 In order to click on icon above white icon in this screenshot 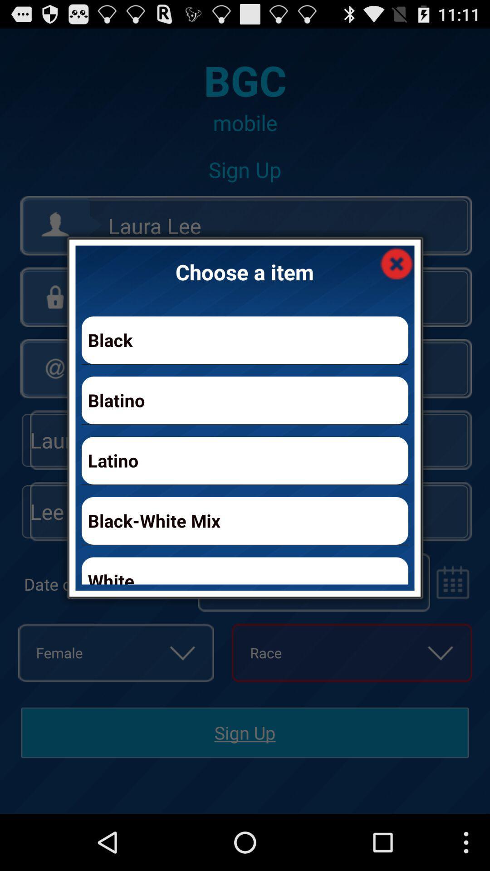, I will do `click(245, 521)`.